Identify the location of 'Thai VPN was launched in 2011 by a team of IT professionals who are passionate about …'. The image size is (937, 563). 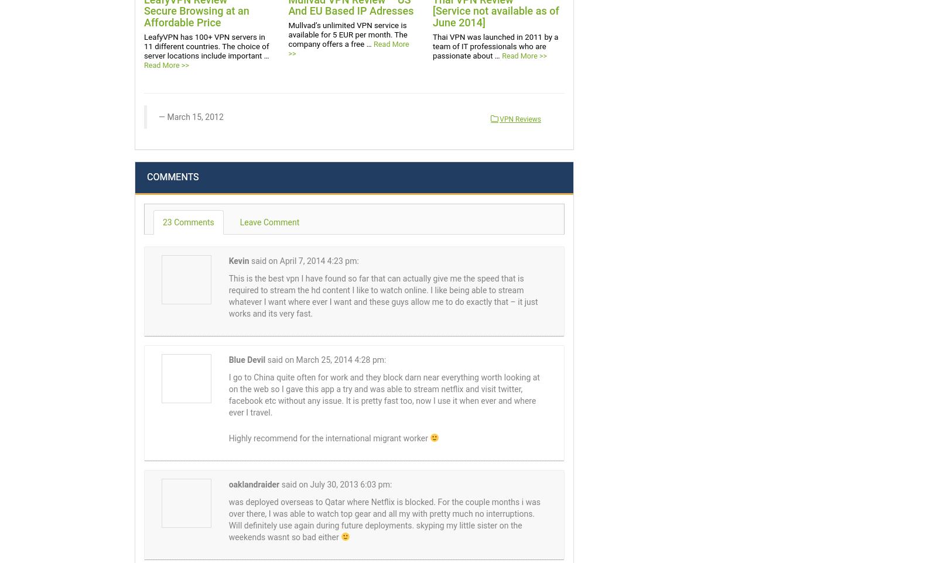
(494, 46).